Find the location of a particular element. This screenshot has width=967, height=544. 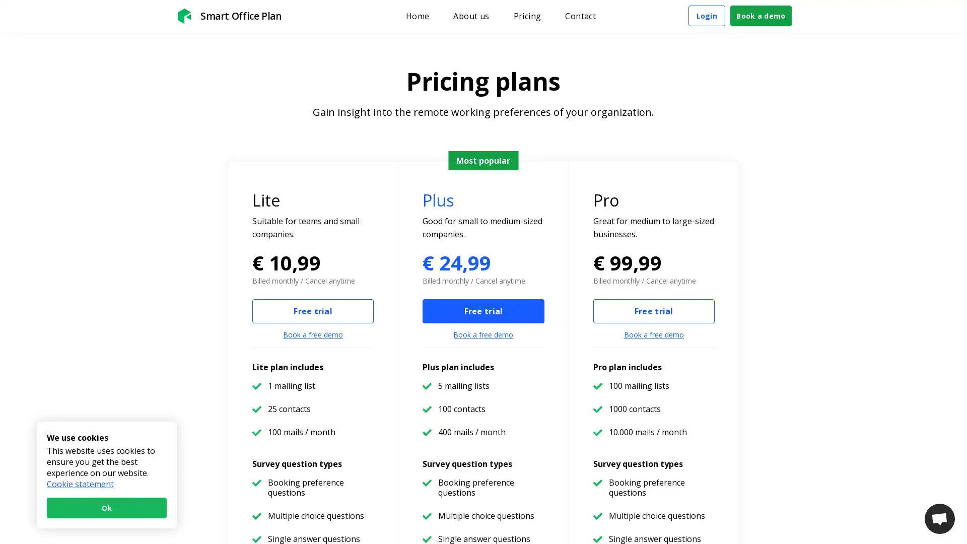

Book a demo is located at coordinates (761, 16).